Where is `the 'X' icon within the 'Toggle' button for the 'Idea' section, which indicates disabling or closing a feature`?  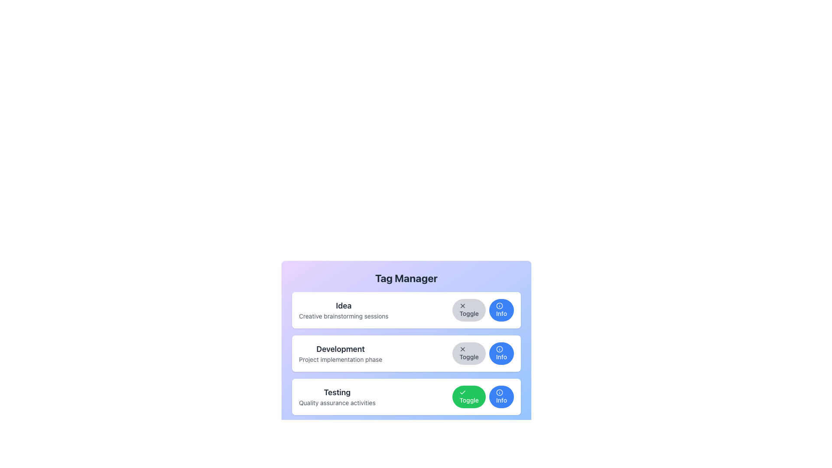
the 'X' icon within the 'Toggle' button for the 'Idea' section, which indicates disabling or closing a feature is located at coordinates (462, 305).